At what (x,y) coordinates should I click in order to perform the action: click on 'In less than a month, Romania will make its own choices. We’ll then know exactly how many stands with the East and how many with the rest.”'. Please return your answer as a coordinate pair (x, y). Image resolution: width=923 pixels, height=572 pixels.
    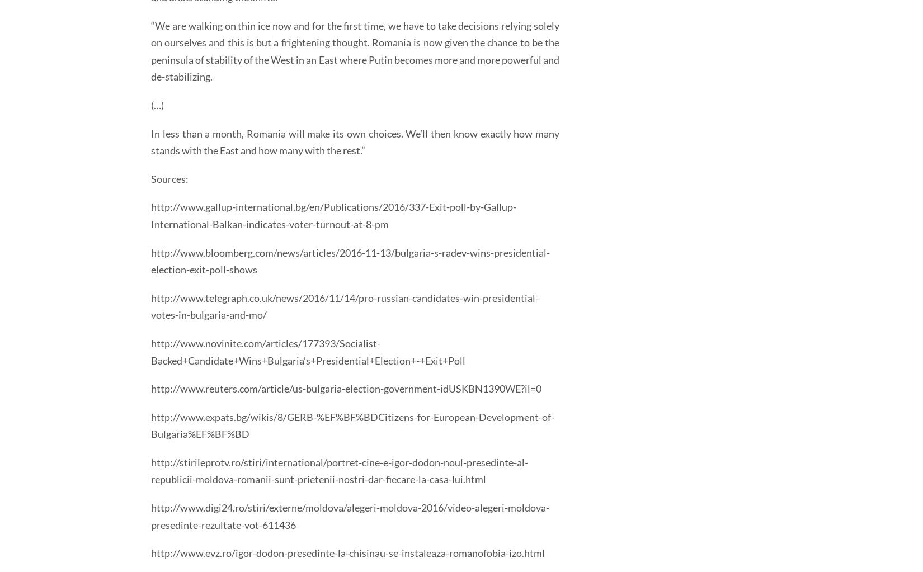
    Looking at the image, I should click on (354, 141).